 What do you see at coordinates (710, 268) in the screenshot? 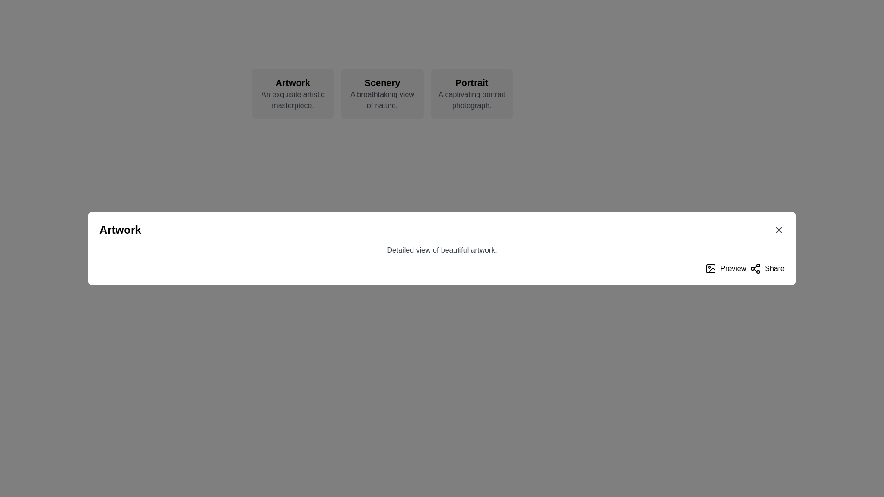
I see `the image preview icon located to the left of the 'Preview' text, which resembles a minimalist picture frame with a circle and a line` at bounding box center [710, 268].